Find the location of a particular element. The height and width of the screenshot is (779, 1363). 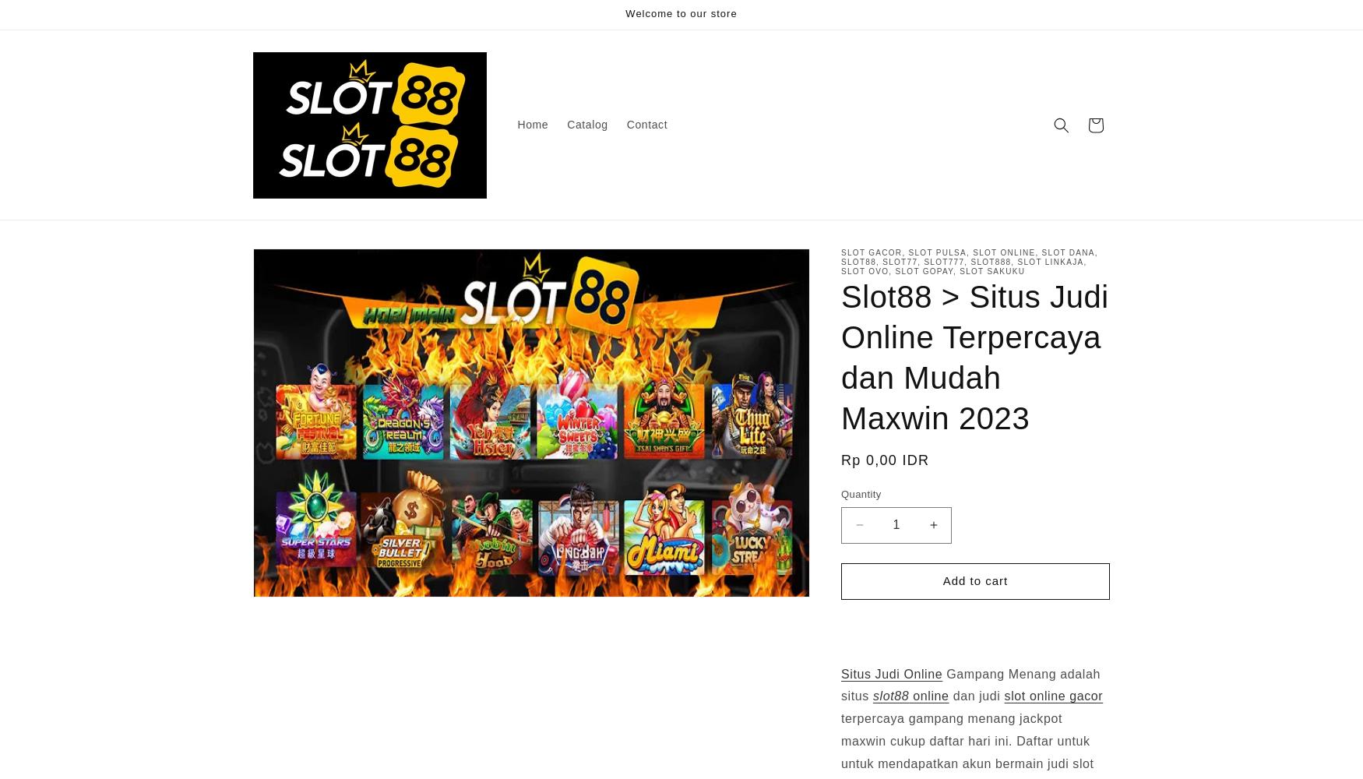

'Catalog' is located at coordinates (586, 125).